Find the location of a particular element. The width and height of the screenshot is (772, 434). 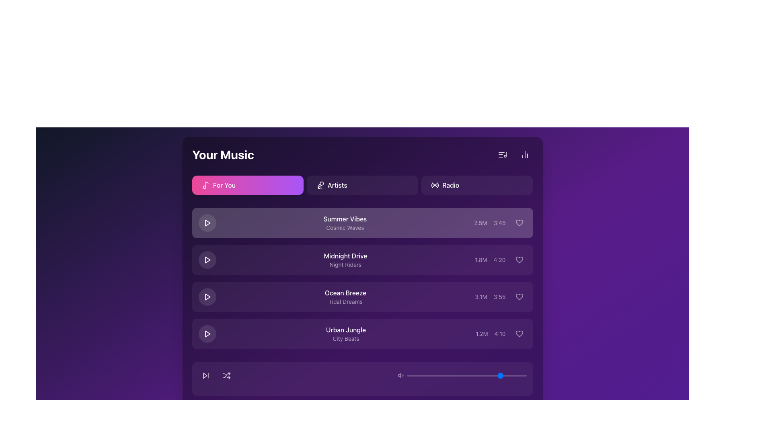

over the music playback control group located in the bottom-left toolbar of the interface is located at coordinates (216, 375).